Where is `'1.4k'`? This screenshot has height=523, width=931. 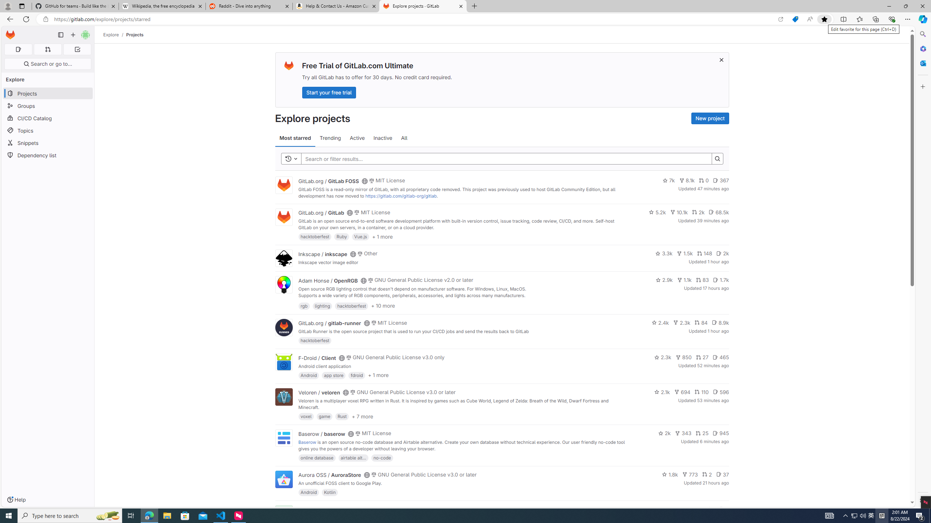
'1.4k' is located at coordinates (674, 509).